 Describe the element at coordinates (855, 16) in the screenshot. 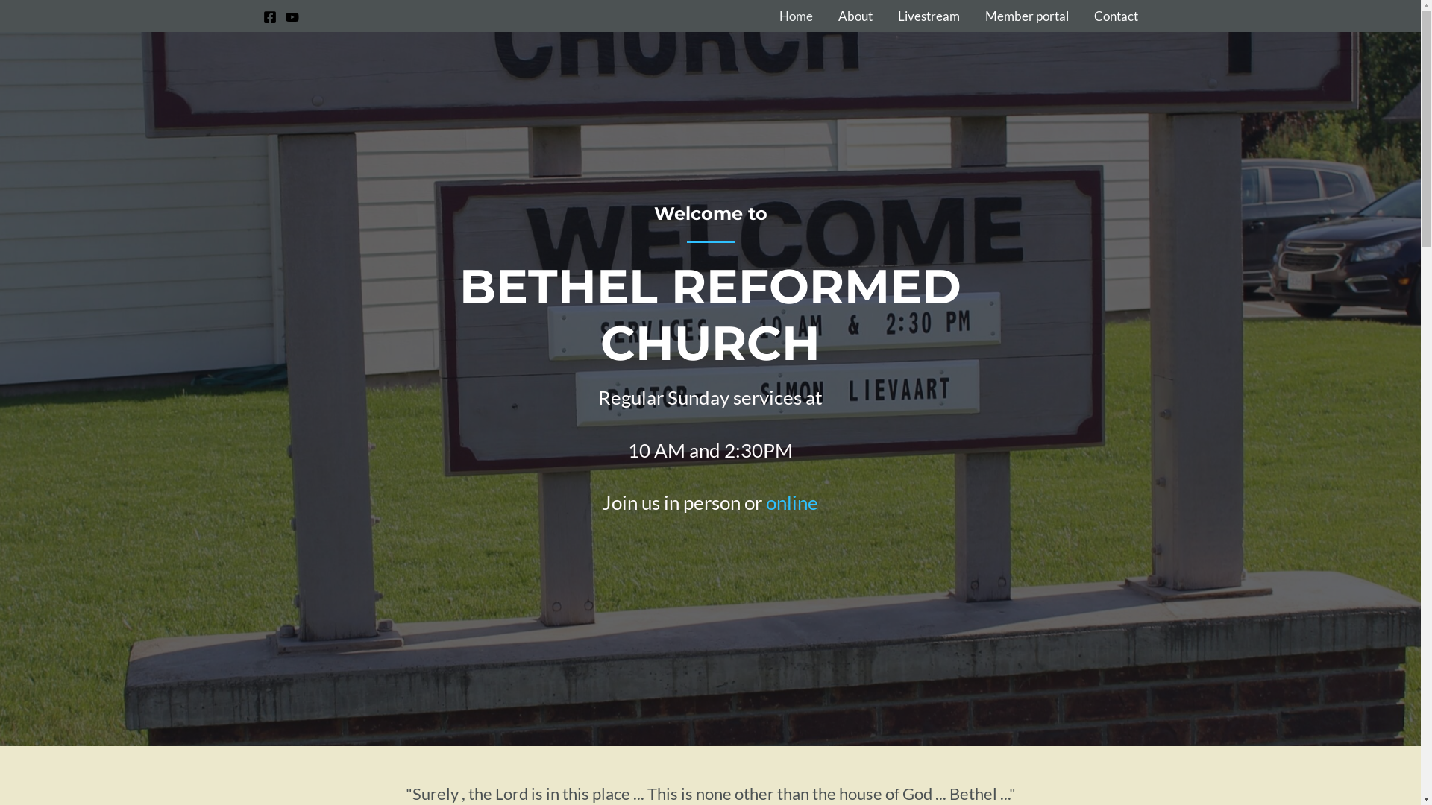

I see `'About'` at that location.